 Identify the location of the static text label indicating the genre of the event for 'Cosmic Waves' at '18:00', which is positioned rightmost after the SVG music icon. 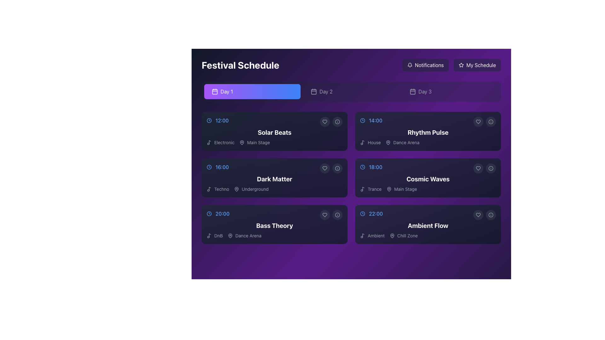
(375, 189).